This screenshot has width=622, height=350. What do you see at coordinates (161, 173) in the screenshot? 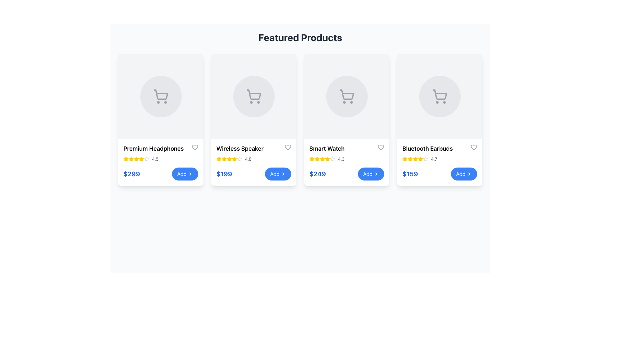
I see `the button located at the bottom of the 'Premium Headphones' product card` at bounding box center [161, 173].